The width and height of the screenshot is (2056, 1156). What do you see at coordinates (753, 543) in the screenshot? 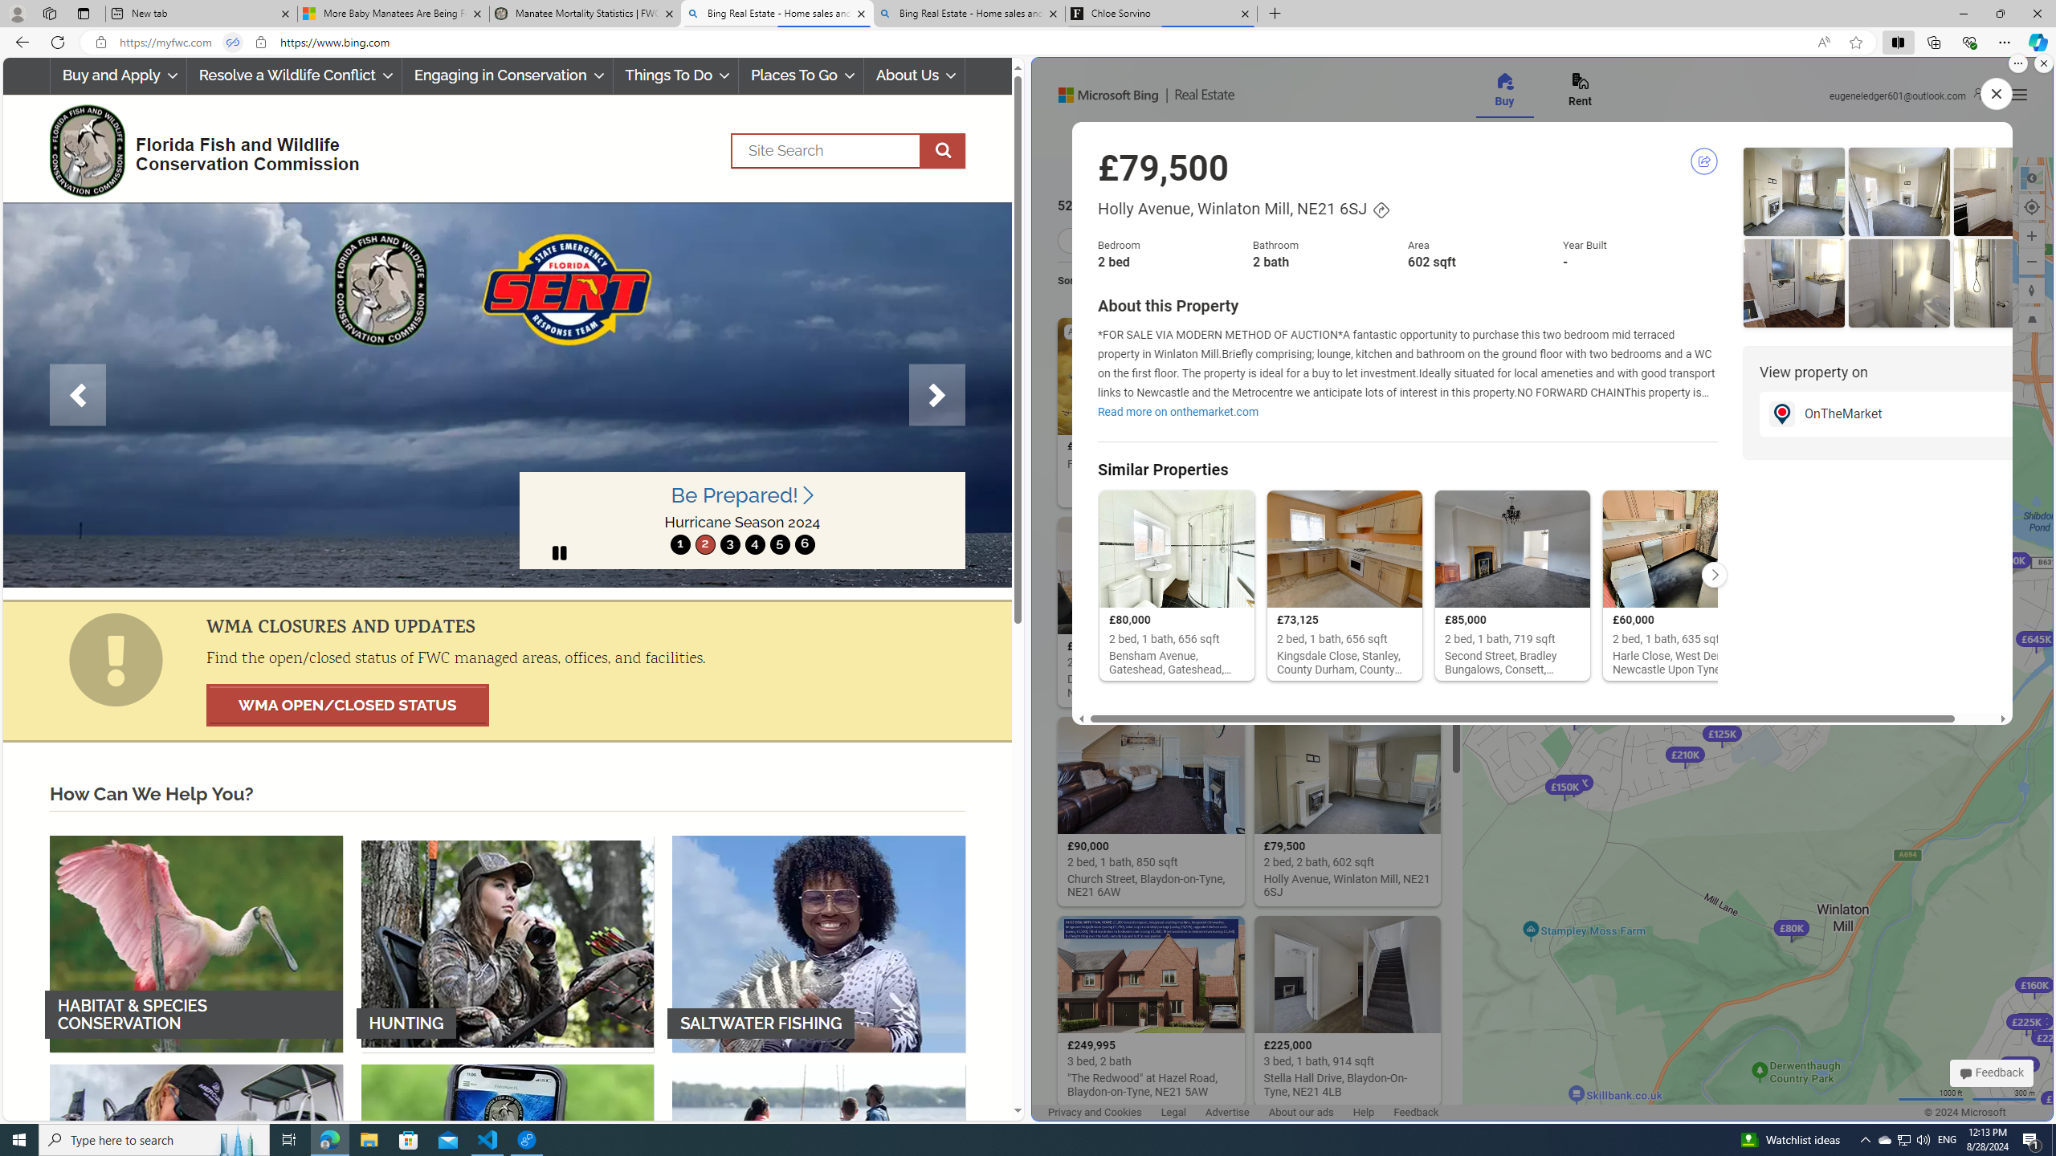
I see `'4'` at bounding box center [753, 543].